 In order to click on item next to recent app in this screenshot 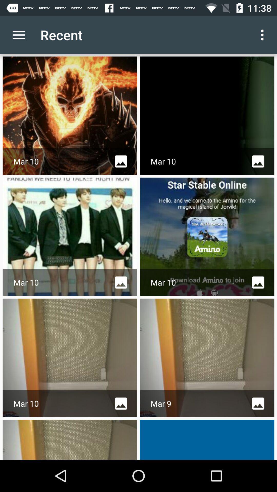, I will do `click(18, 35)`.